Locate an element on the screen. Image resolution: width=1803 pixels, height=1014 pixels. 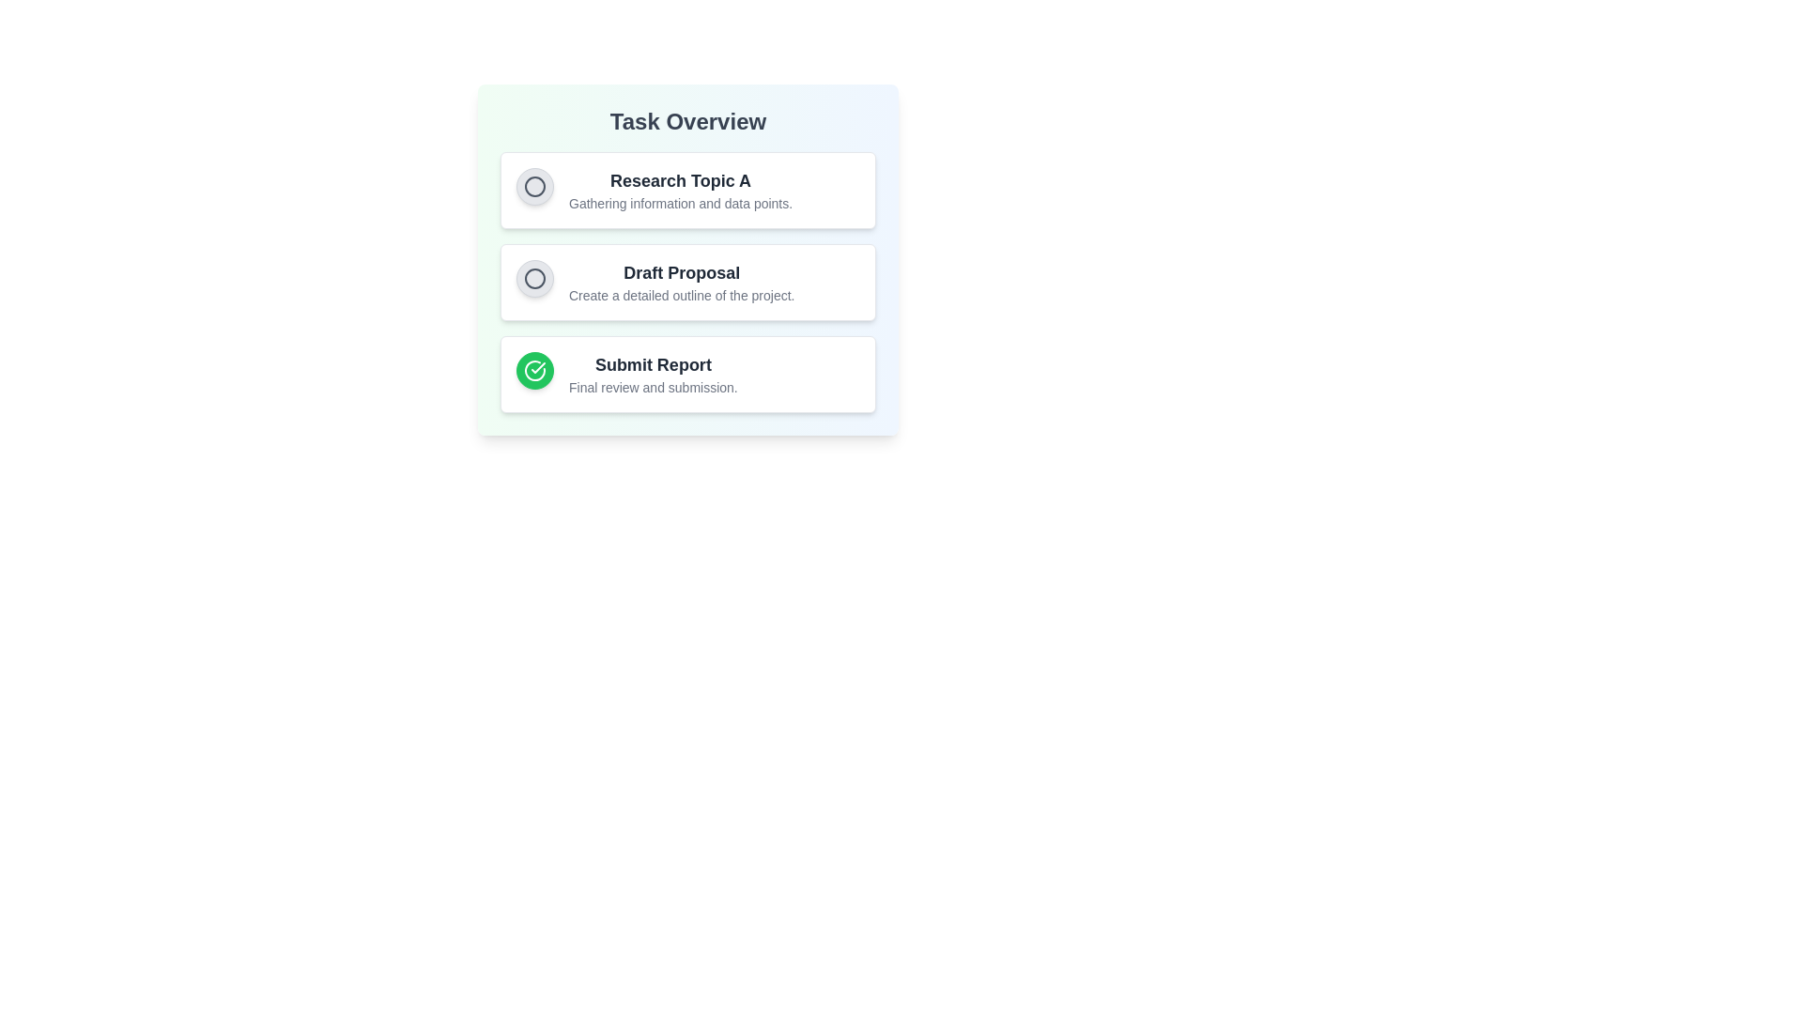
the Text Header labeled 'Task Overview', which is styled with bold and large font and is located at the top of a panel above a list of task items is located at coordinates (687, 122).